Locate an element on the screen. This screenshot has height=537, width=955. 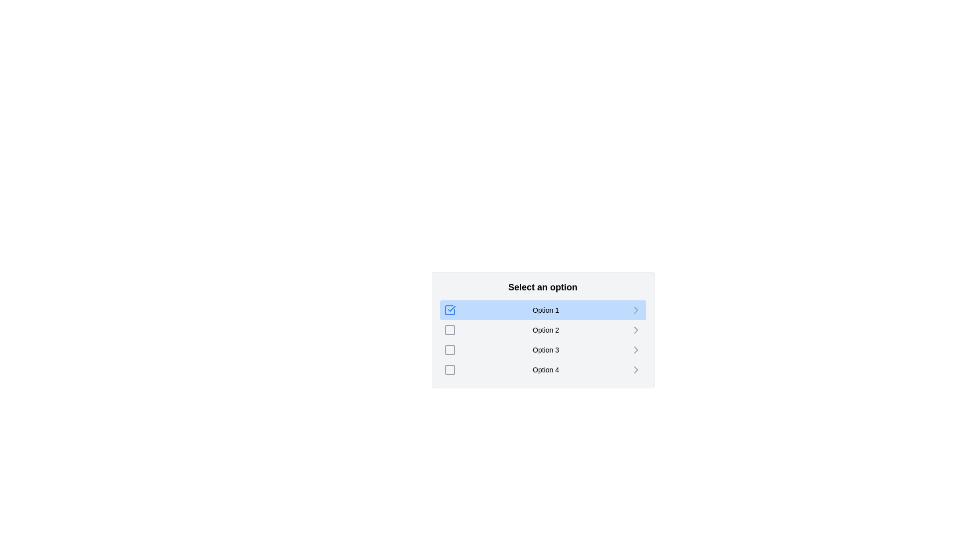
text of the Text Label indicating the first option in the vertical list, which is contained within a blue rectangular element indicating the active selection is located at coordinates (545, 310).